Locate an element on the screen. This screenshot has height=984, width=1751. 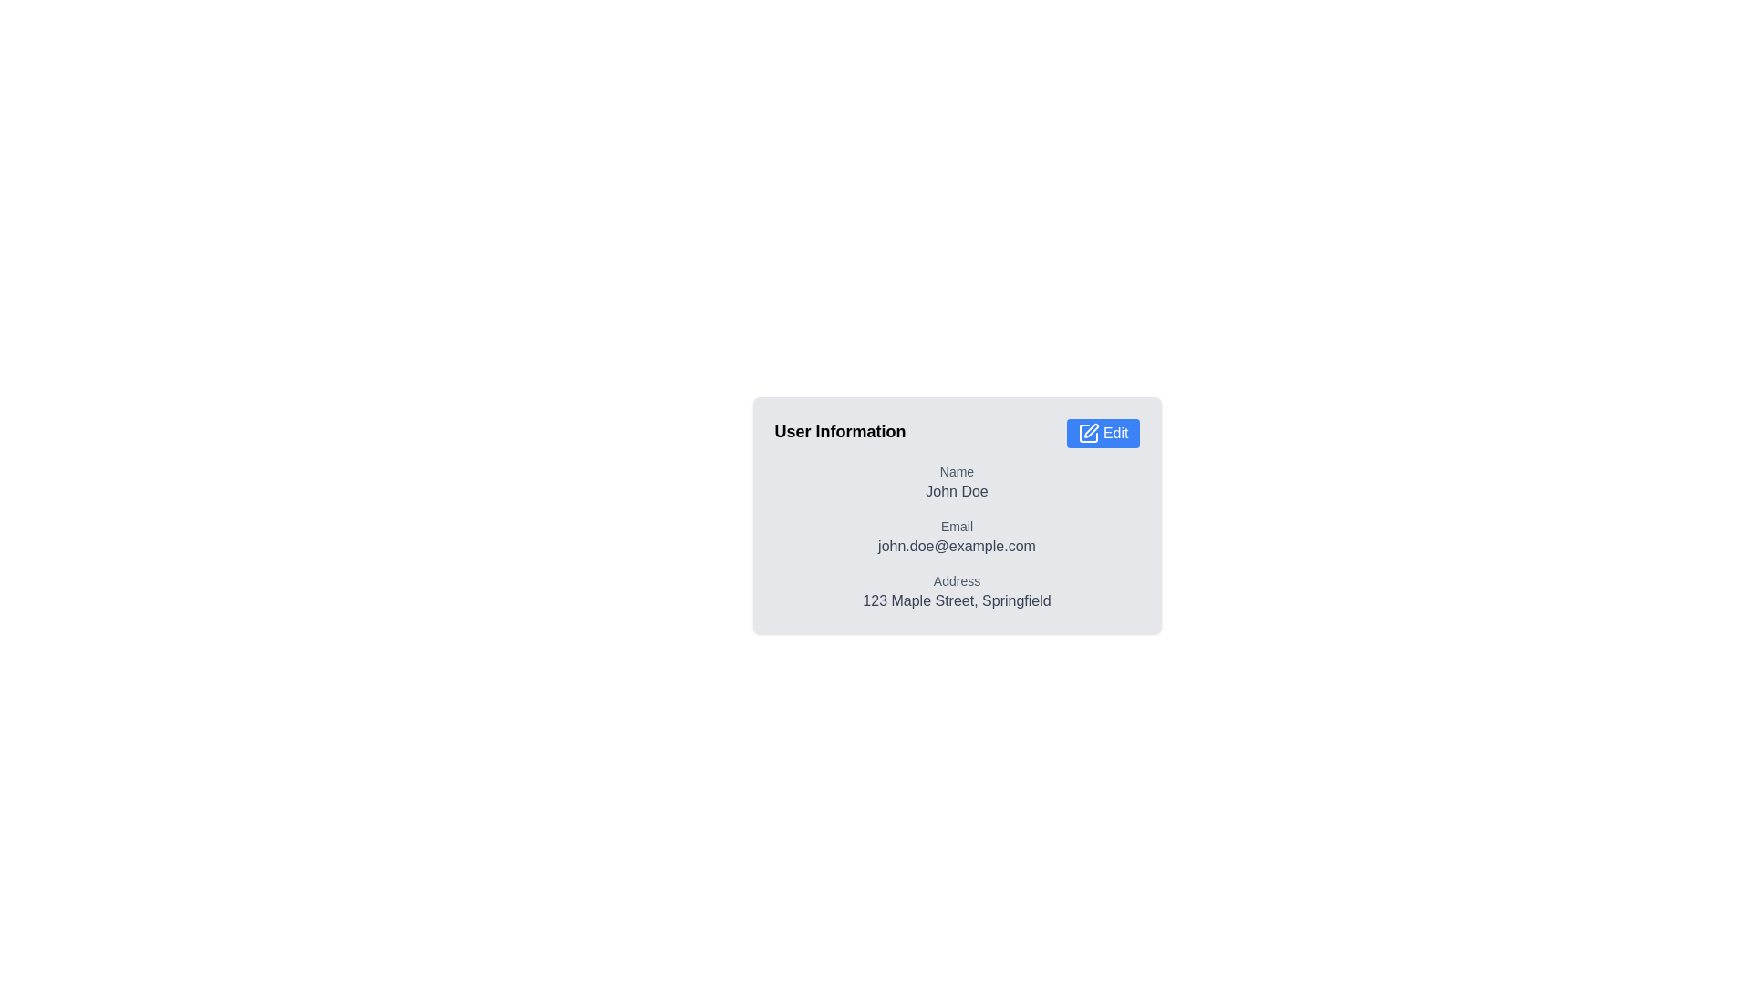
the label element that displays the text 'Name', which is styled with a small-sized font and light gray color, located above the name 'John Doe' is located at coordinates (956, 470).